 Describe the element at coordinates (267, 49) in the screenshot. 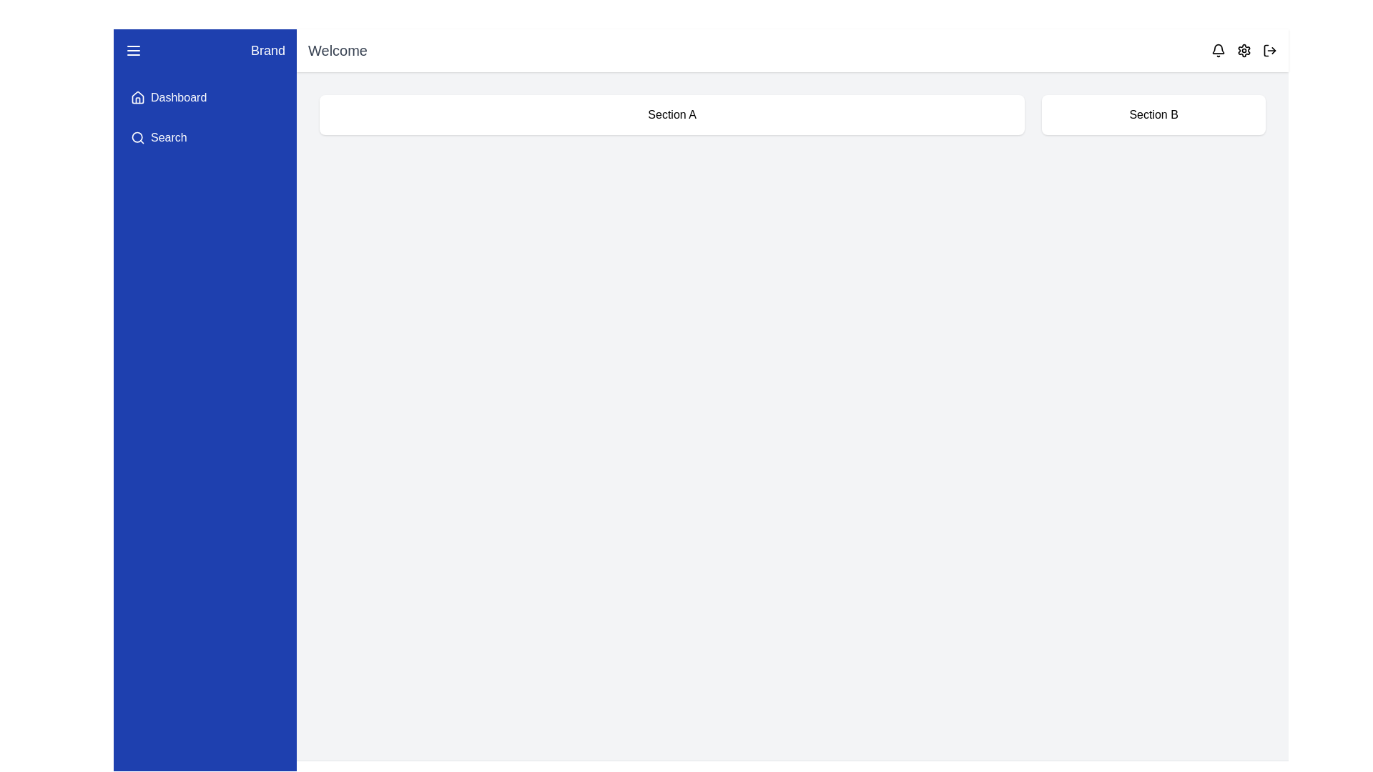

I see `text of the label displaying 'Brand' located on a blue background ribbon in the top left corner of the page` at that location.